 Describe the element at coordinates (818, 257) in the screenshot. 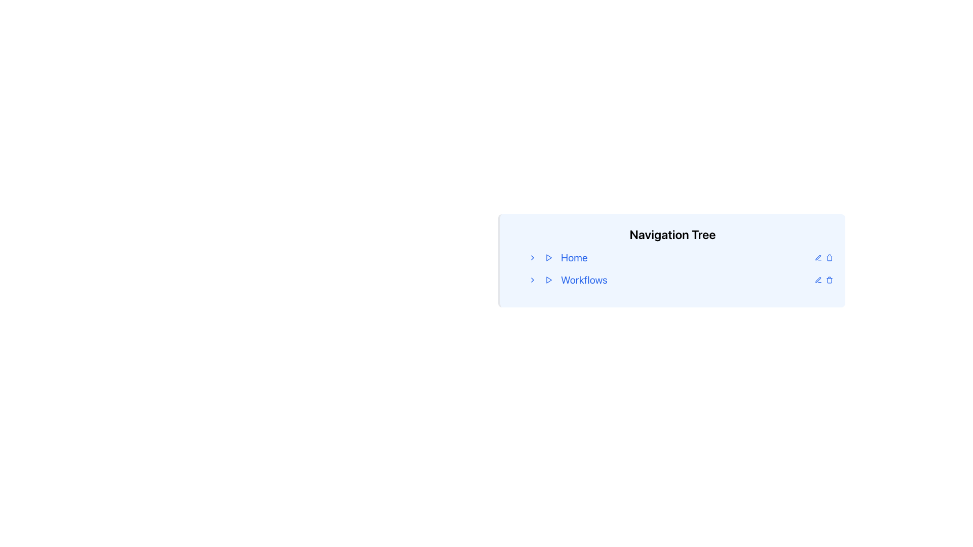

I see `the pencil icon in the middle-right area of the 'Navigation Tree' for keyboard interactions` at that location.